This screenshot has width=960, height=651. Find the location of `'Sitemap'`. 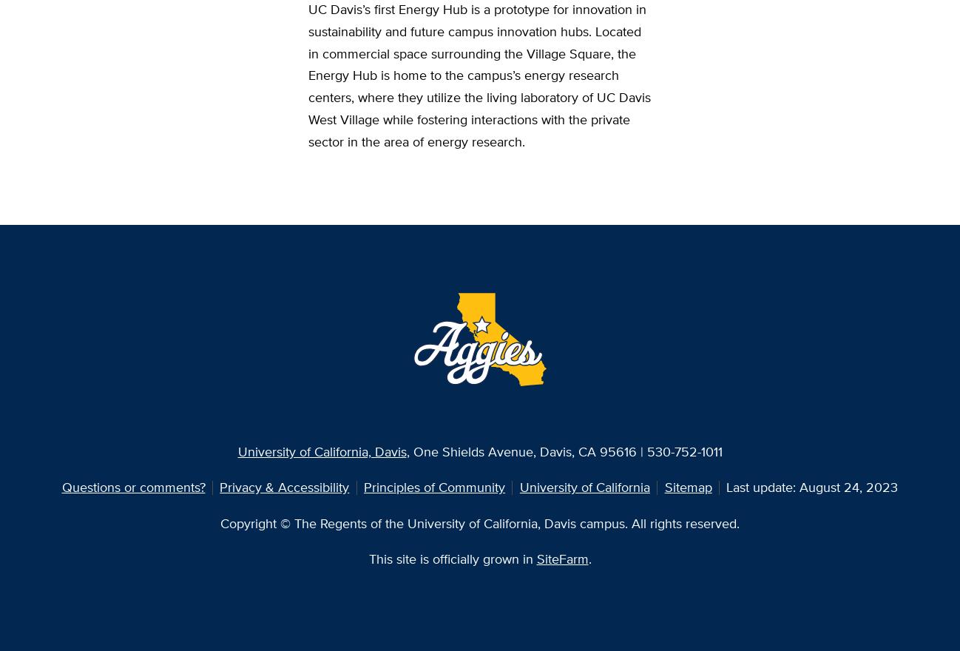

'Sitemap' is located at coordinates (687, 487).